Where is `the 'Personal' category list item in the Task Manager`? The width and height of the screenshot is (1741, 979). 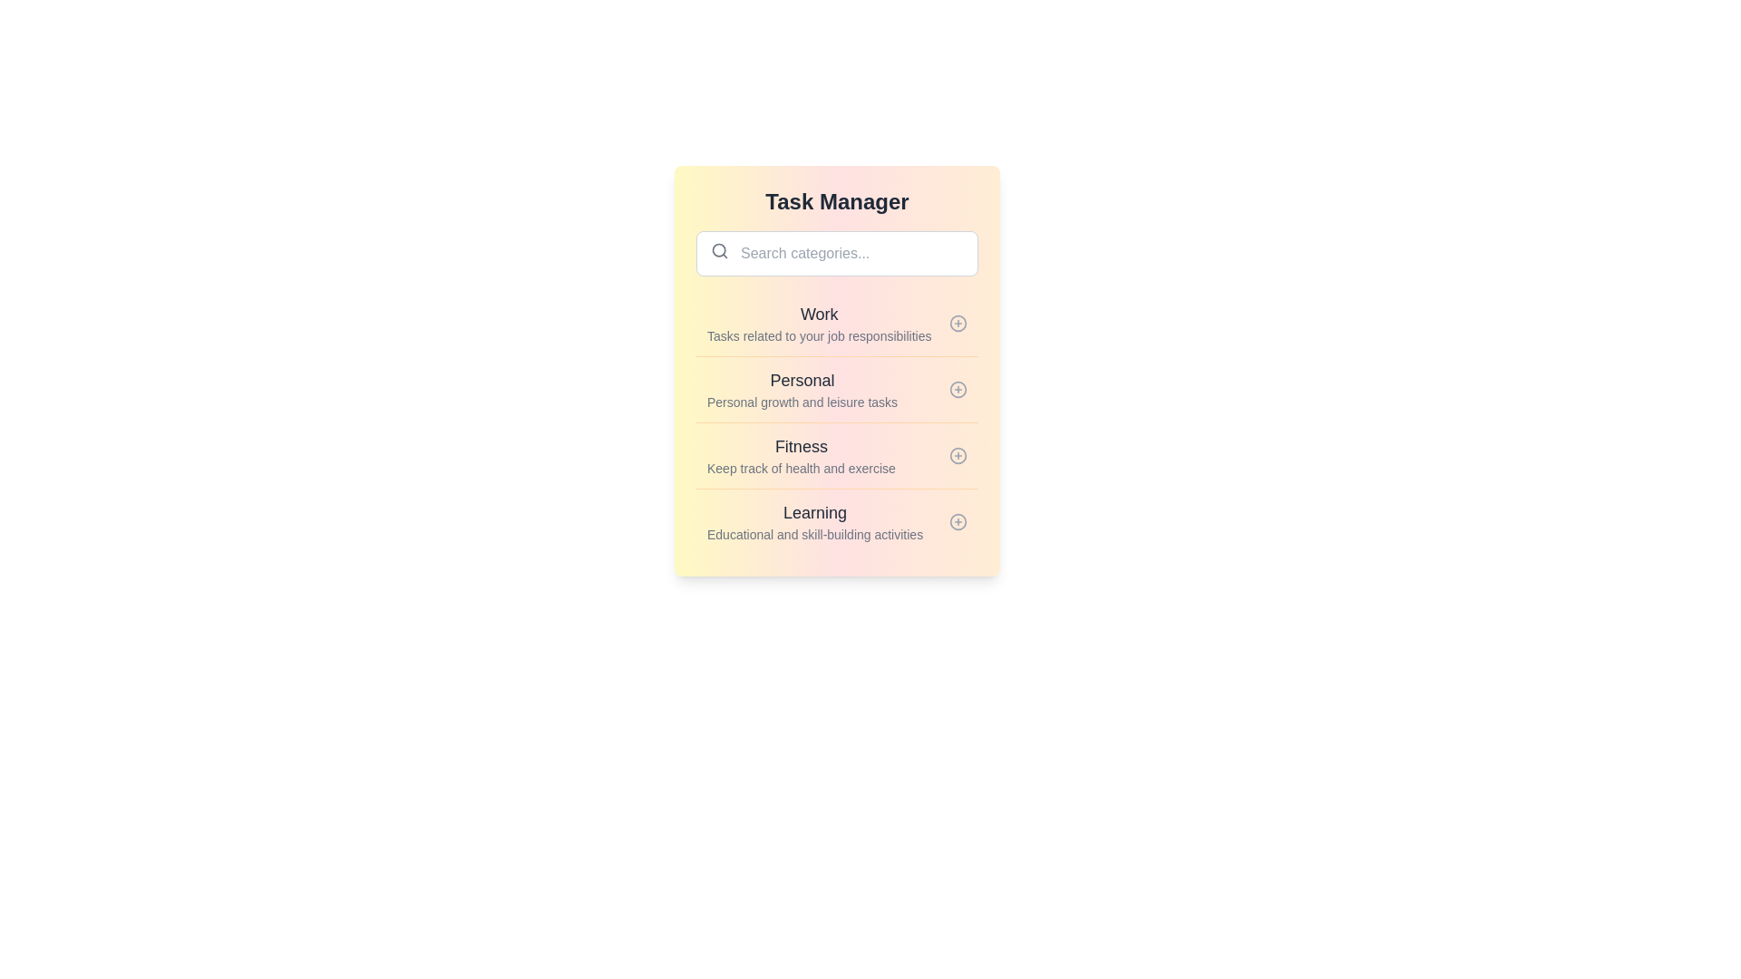
the 'Personal' category list item in the Task Manager is located at coordinates (836, 422).